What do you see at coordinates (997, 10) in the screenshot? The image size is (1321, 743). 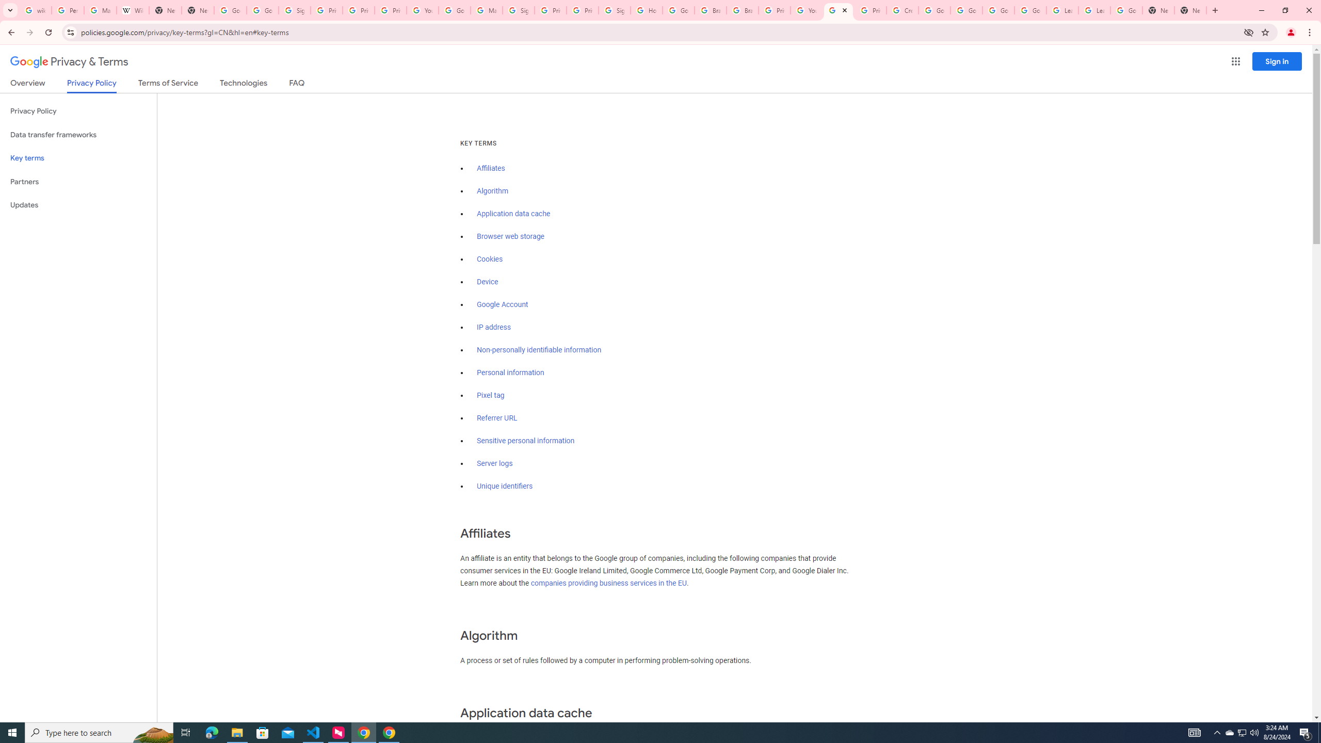 I see `'Google Account Help'` at bounding box center [997, 10].